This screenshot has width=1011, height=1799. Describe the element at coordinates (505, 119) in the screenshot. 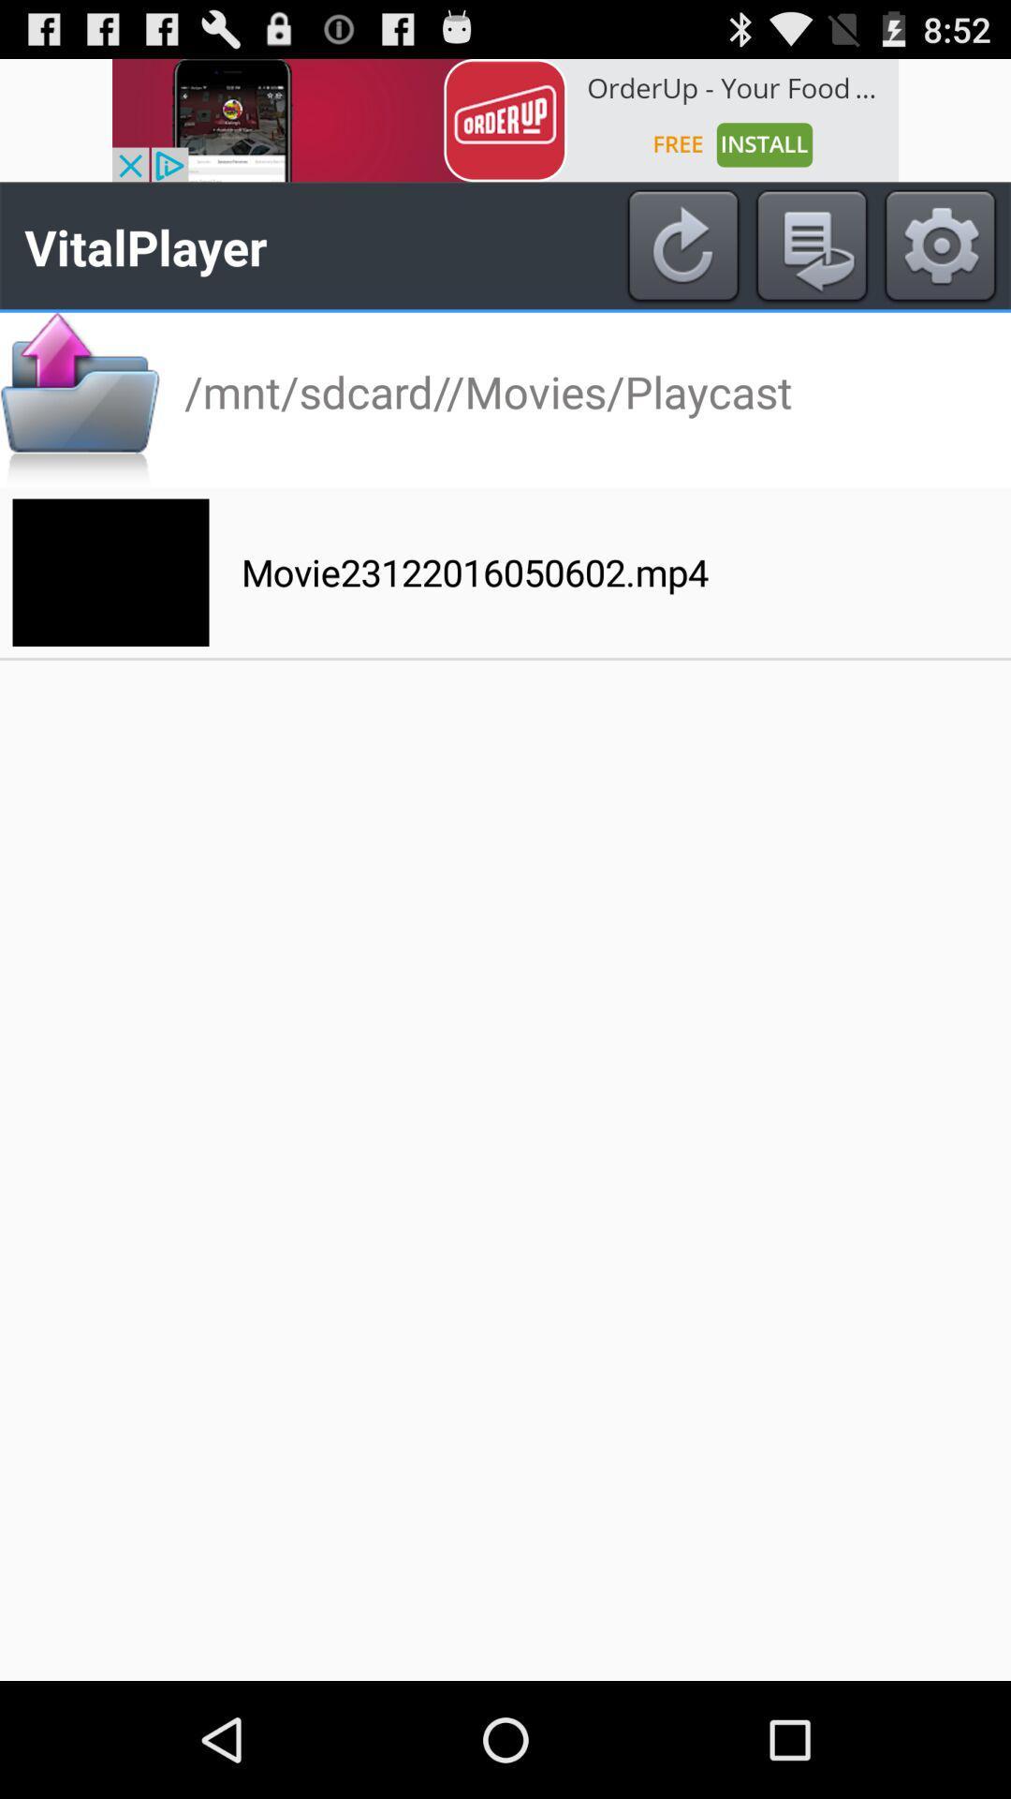

I see `advertisement` at that location.